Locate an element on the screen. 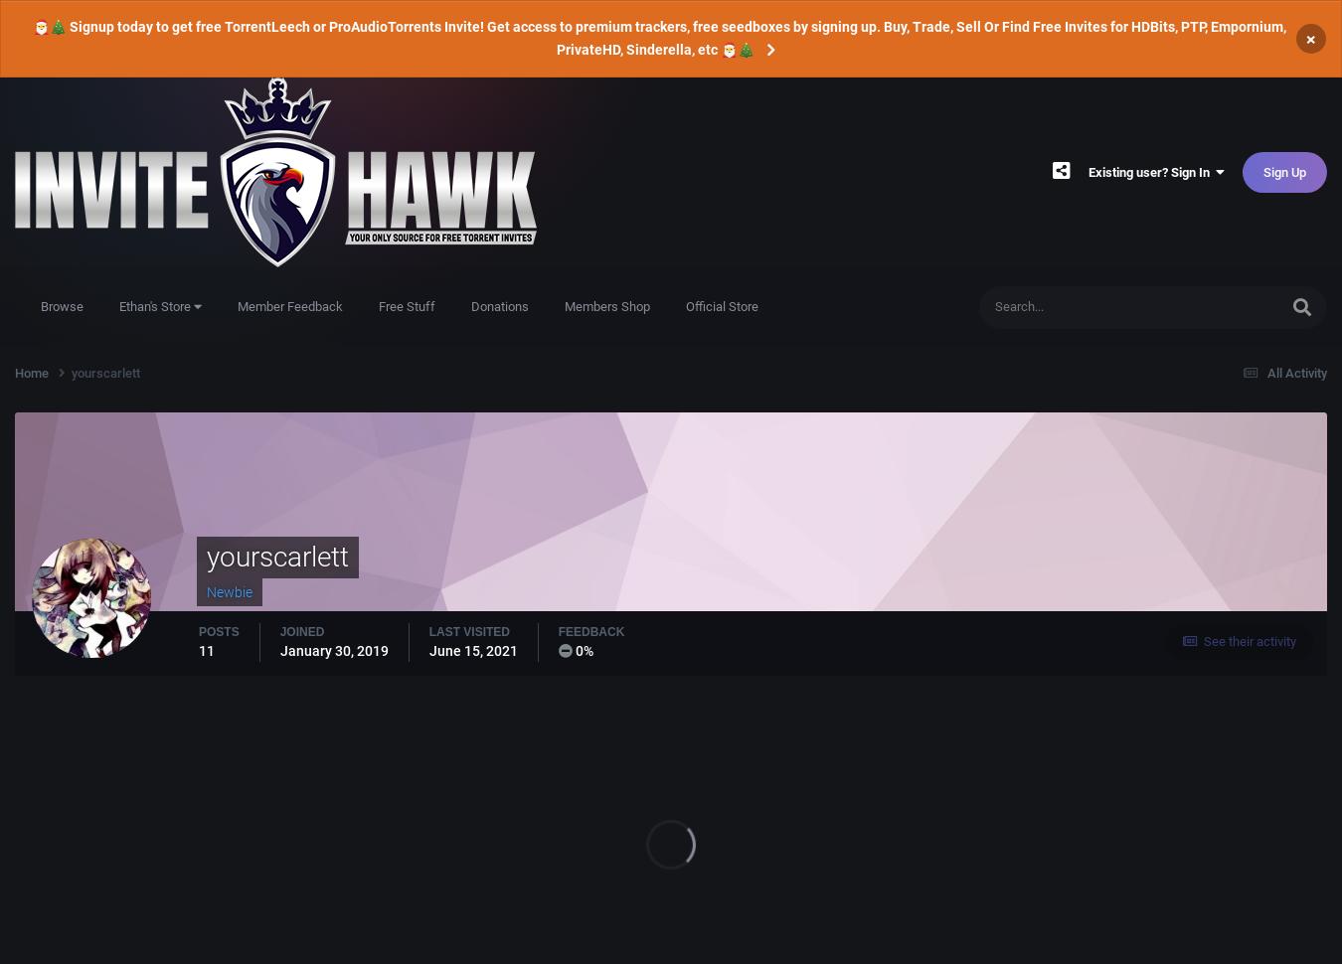  'FAQ Questions' is located at coordinates (1166, 548).